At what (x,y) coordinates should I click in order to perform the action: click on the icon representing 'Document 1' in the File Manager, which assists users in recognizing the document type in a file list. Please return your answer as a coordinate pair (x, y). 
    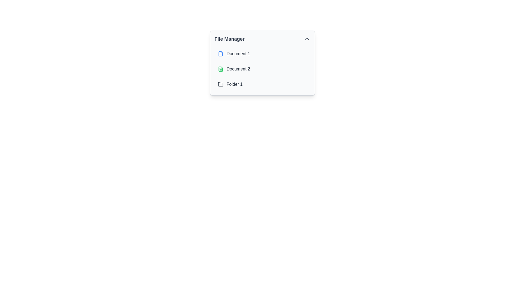
    Looking at the image, I should click on (220, 54).